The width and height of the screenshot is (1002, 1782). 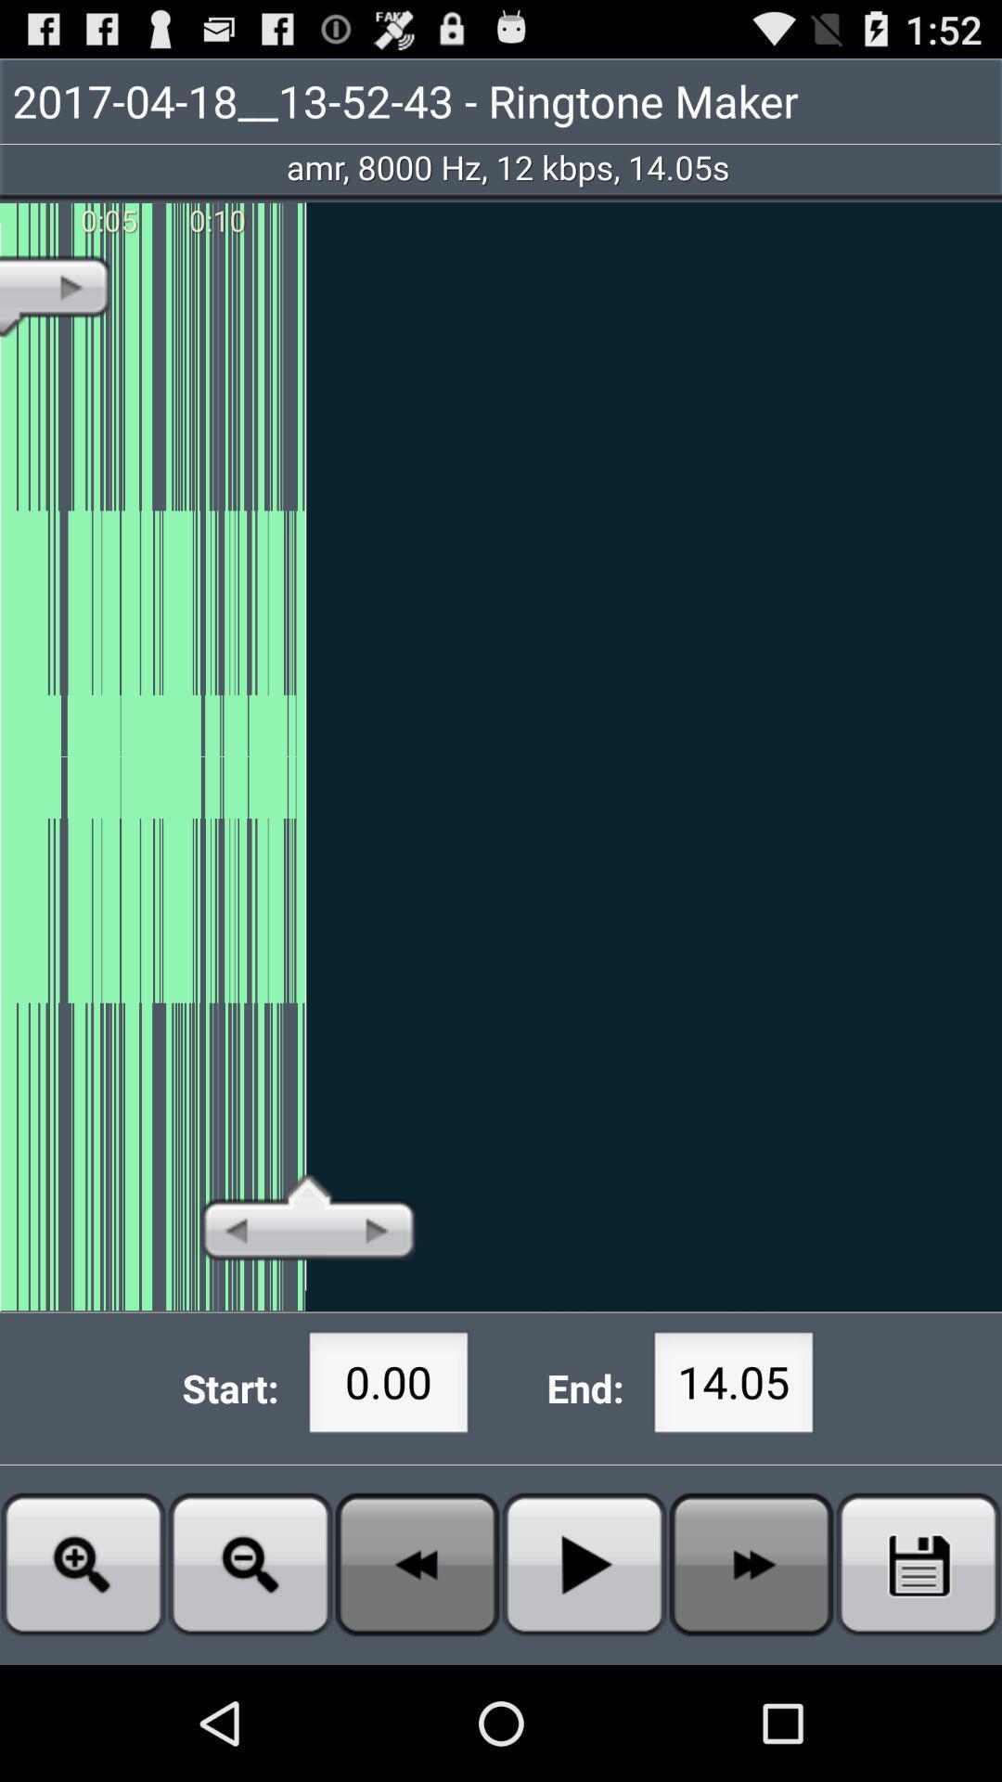 I want to click on file, so click(x=583, y=1563).